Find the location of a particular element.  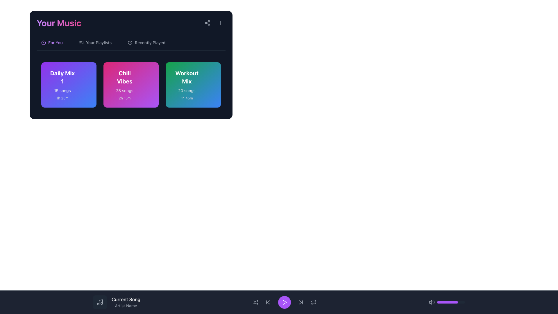

the 'Daily Mix 1' playlist card, which features a blue-purple gradient background and displays the largest text in bold white font is located at coordinates (62, 85).